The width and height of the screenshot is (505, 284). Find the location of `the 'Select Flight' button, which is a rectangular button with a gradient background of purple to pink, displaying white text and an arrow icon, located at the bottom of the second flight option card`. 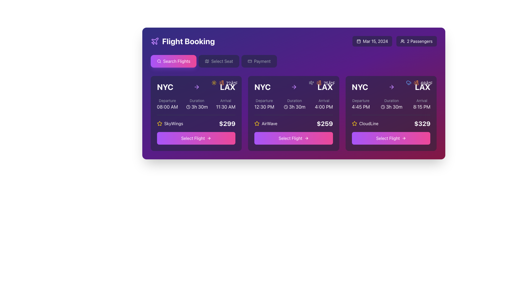

the 'Select Flight' button, which is a rectangular button with a gradient background of purple to pink, displaying white text and an arrow icon, located at the bottom of the second flight option card is located at coordinates (293, 138).